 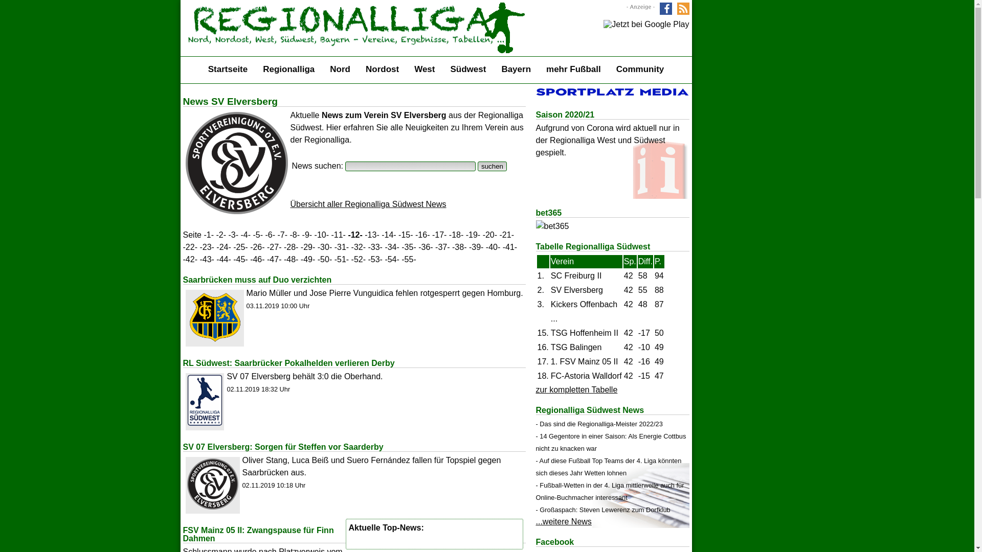 I want to click on '-9-', so click(x=306, y=235).